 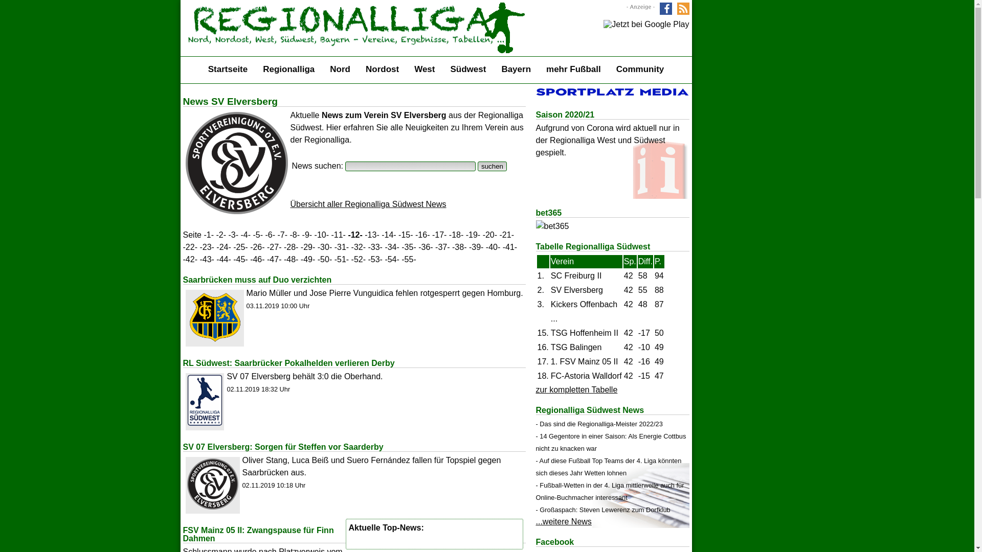 I want to click on '-9-', so click(x=306, y=235).